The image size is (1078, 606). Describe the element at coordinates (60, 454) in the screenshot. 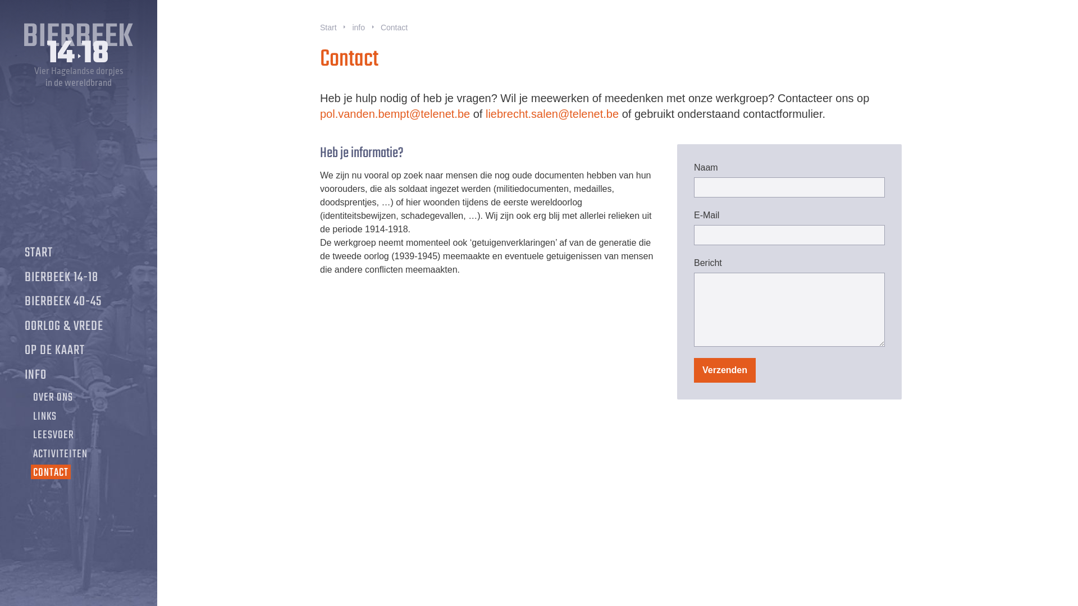

I see `'ACTIVITEITEN'` at that location.